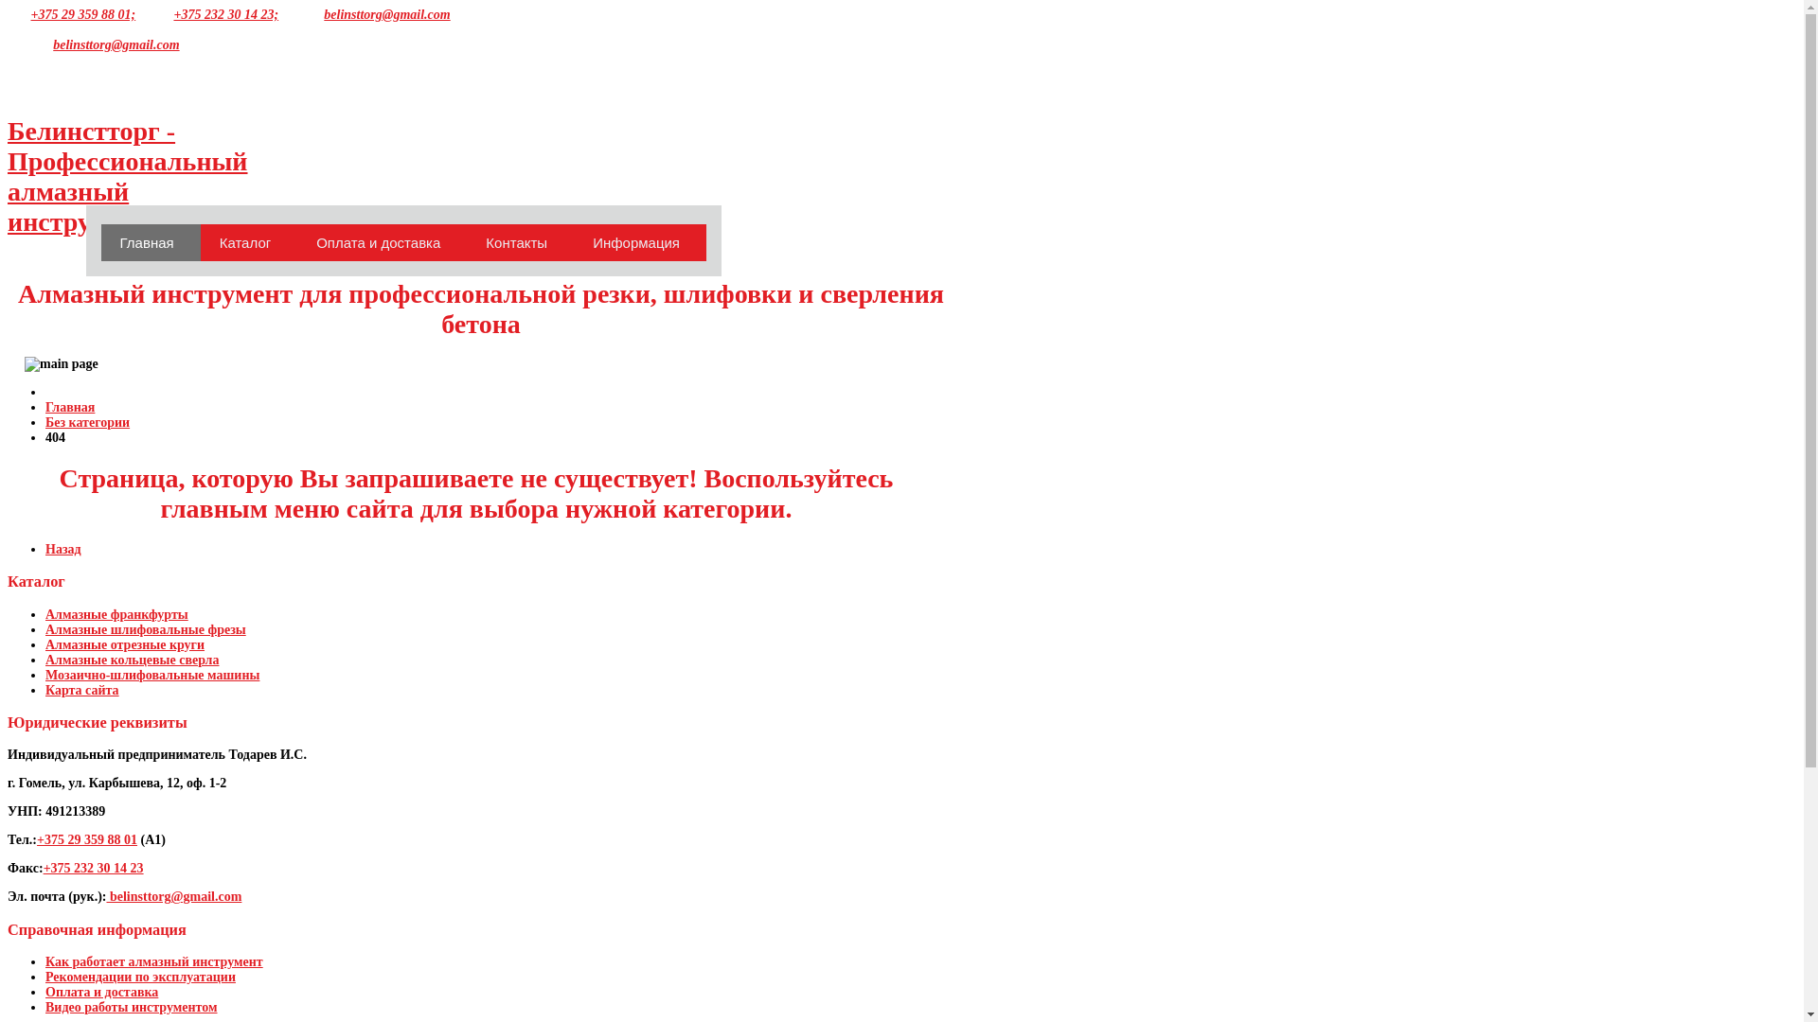  I want to click on '+375 232 30 14 23;', so click(172, 14).